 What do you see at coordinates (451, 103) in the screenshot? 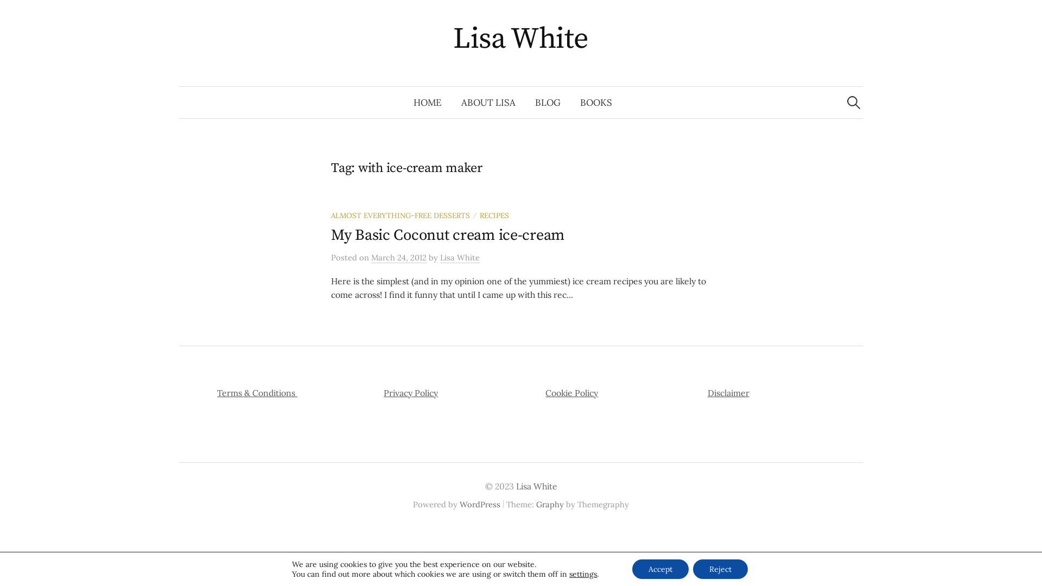
I see `'ABOUT LISA'` at bounding box center [451, 103].